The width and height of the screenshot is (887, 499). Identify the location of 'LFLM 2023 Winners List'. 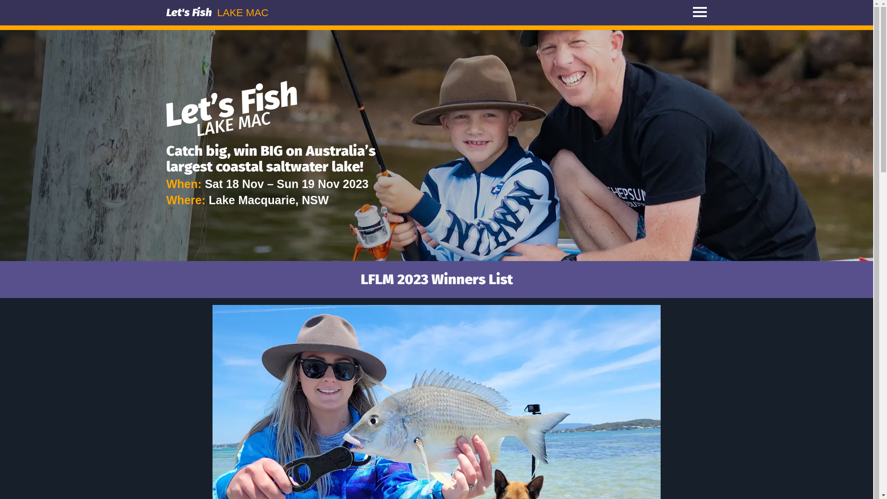
(436, 279).